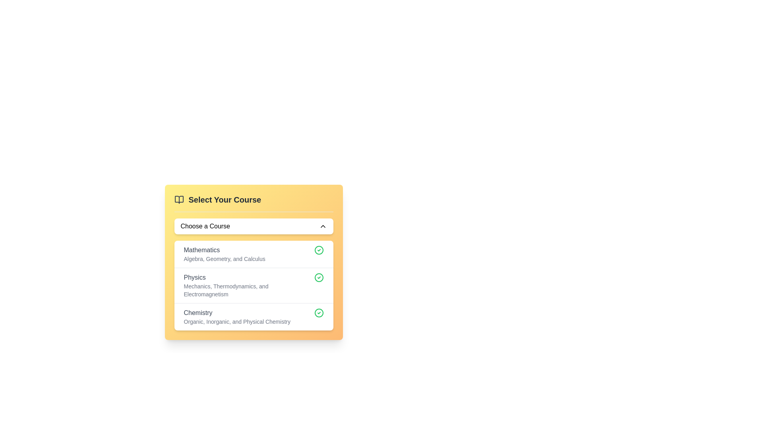 The image size is (763, 429). I want to click on to select the 'Physics' option in the second item of the vertical list under the 'Select Your Course' section, so click(253, 285).